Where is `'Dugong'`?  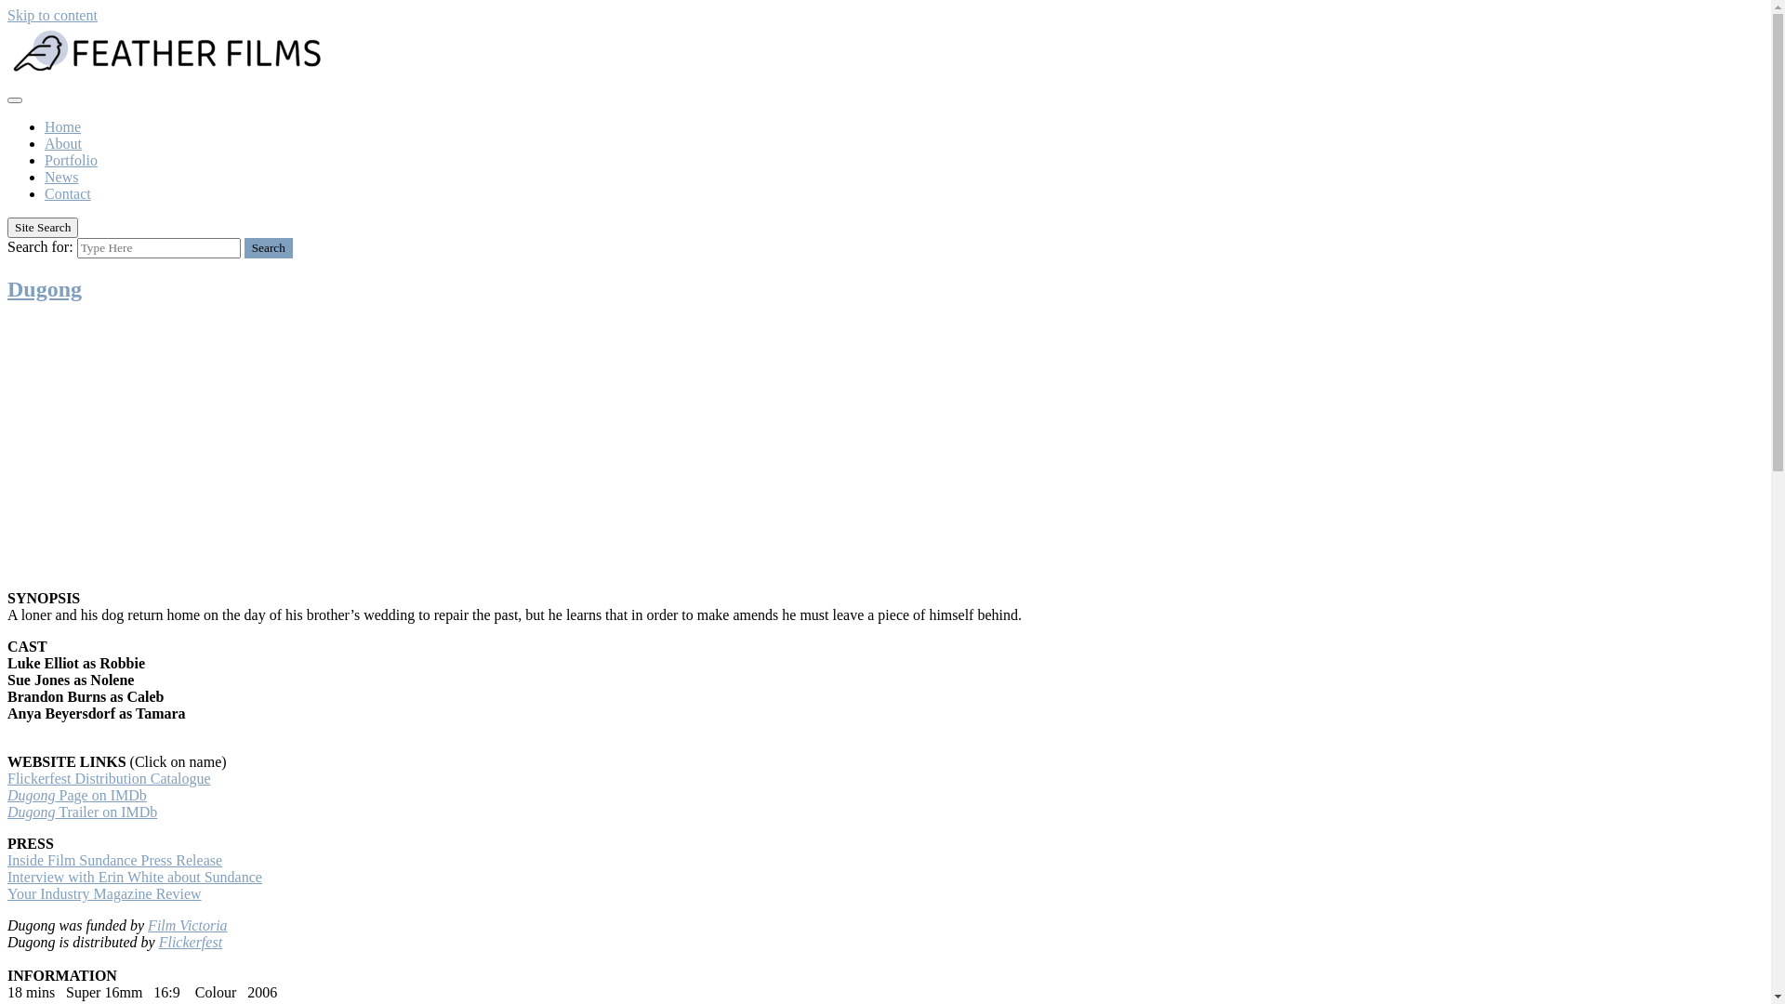 'Dugong' is located at coordinates (7, 289).